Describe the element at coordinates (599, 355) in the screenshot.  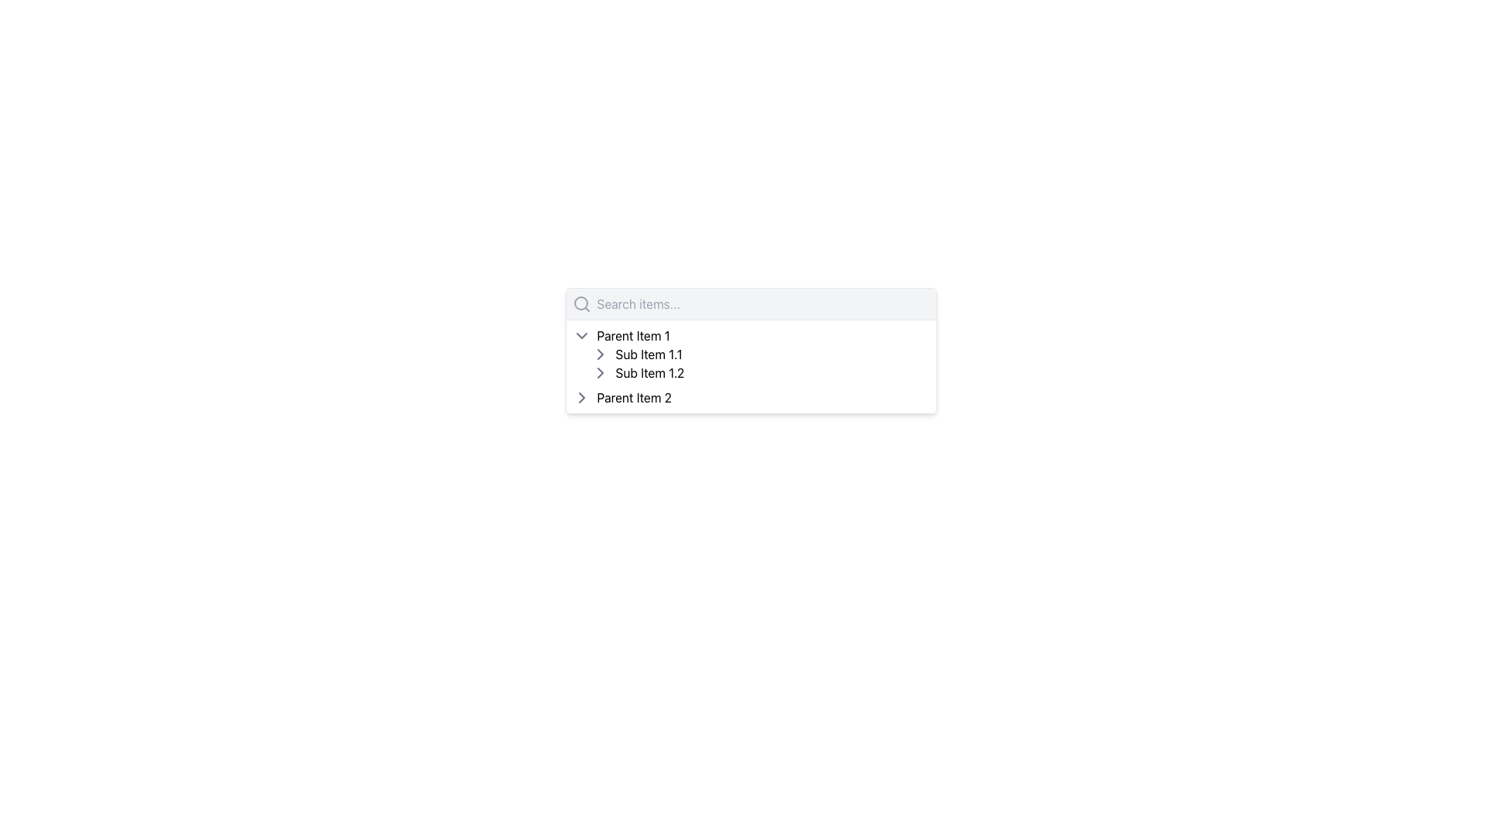
I see `the gray right-pointing chevron icon used as a toggle indicator located to the left of 'Sub Item 1.1' in the hierarchical list` at that location.